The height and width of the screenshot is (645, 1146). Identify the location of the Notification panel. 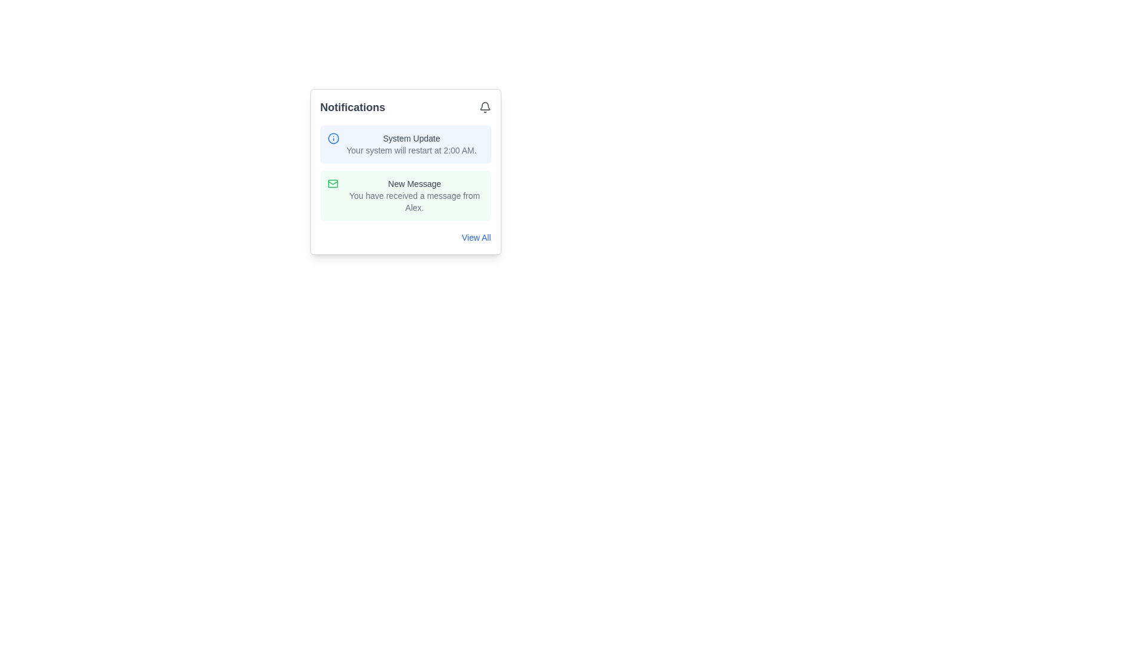
(405, 172).